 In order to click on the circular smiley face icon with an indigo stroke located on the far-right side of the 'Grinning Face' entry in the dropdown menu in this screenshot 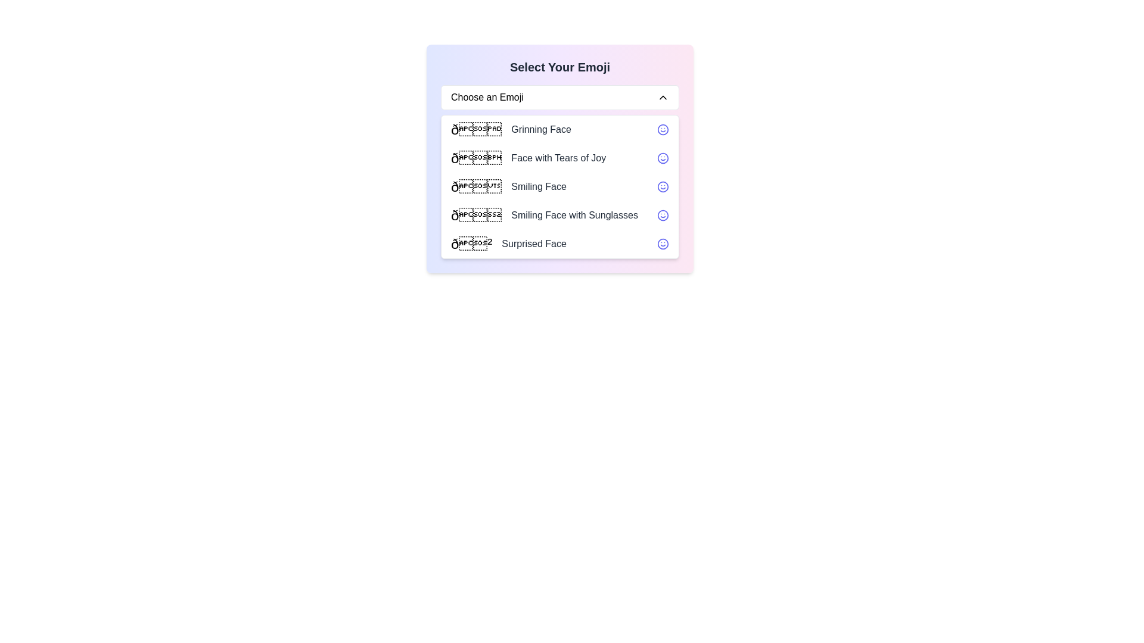, I will do `click(663, 130)`.